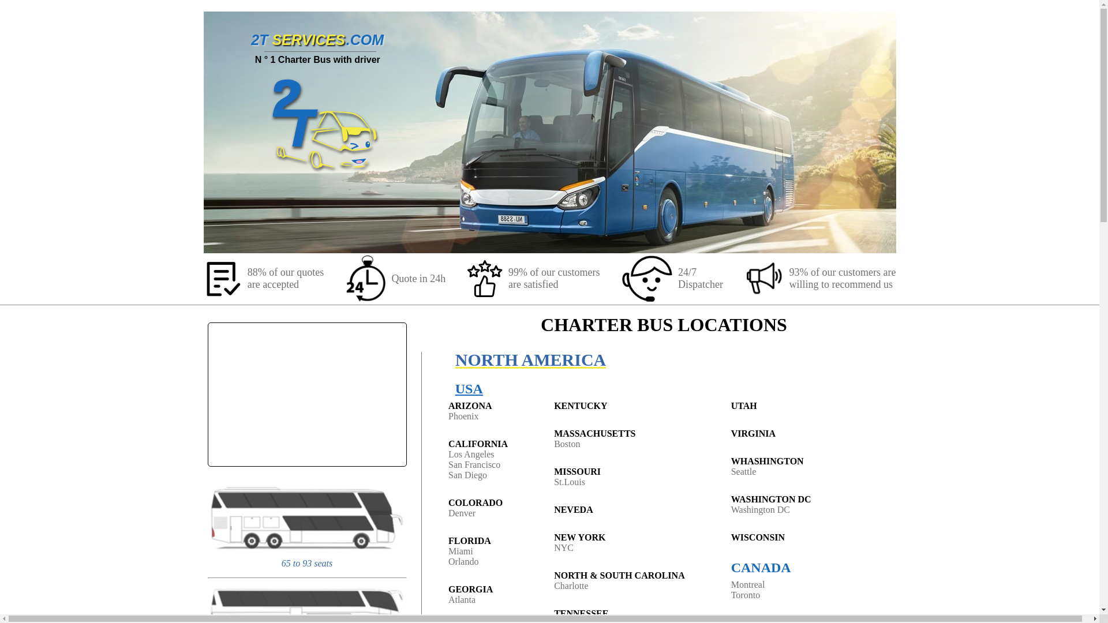 This screenshot has height=623, width=1108. I want to click on 'MISSOURI', so click(577, 471).